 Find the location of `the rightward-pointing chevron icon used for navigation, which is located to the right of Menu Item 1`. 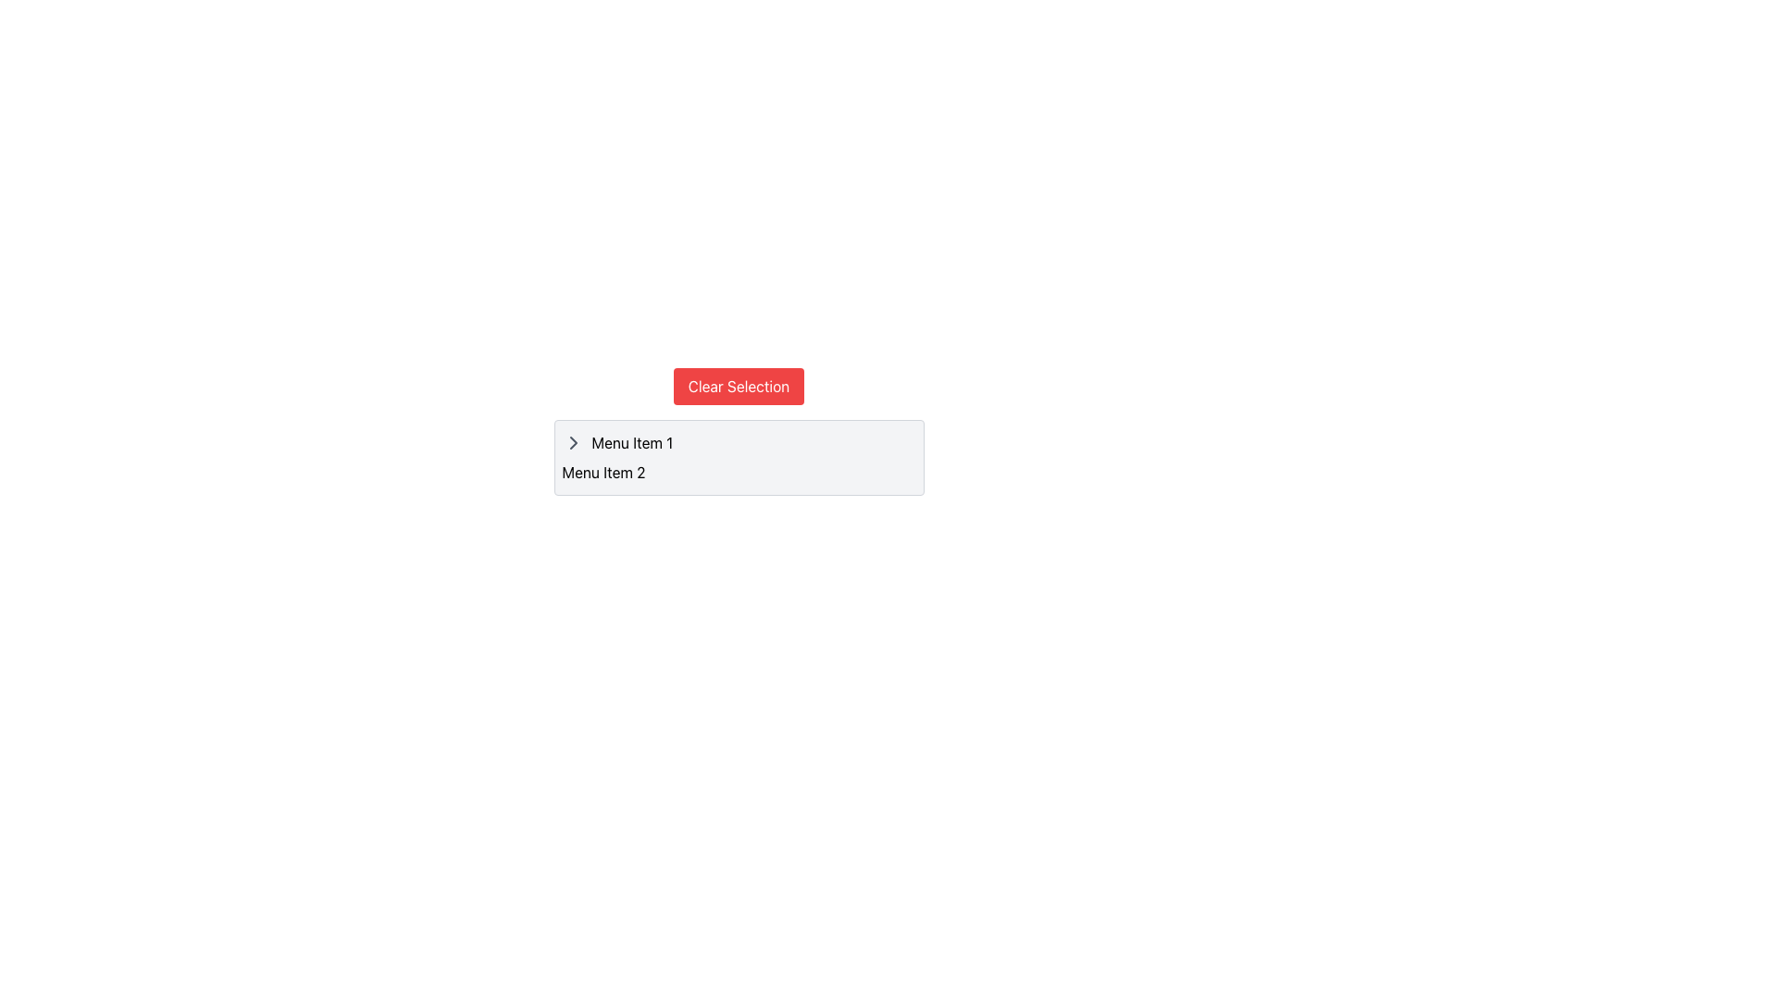

the rightward-pointing chevron icon used for navigation, which is located to the right of Menu Item 1 is located at coordinates (572, 442).